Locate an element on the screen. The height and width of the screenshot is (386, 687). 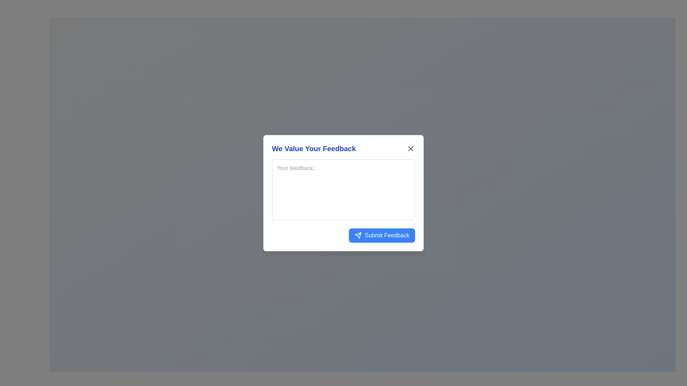
the blue 'Submit Feedback' button with rounded corners and white text located at the bottom-right of the 'We Value Your Feedback' modal is located at coordinates (381, 235).